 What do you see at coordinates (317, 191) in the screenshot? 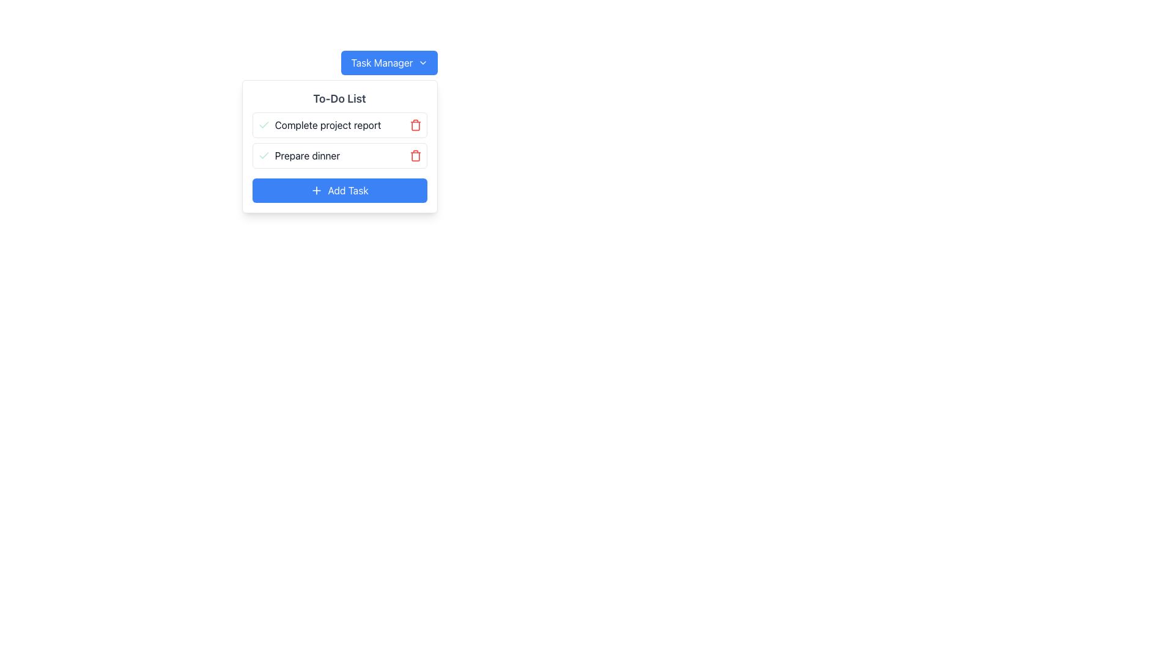
I see `the decorative icon inside the 'Add Task' button to receive visual feedback` at bounding box center [317, 191].